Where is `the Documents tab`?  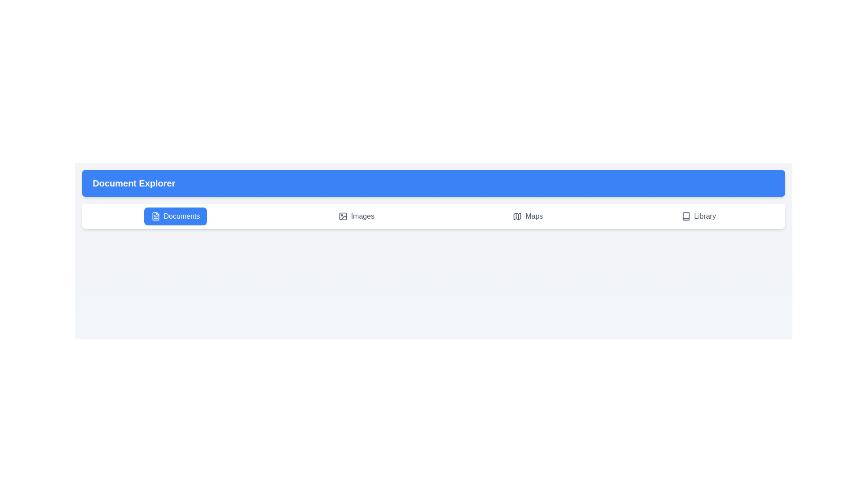
the Documents tab is located at coordinates (176, 216).